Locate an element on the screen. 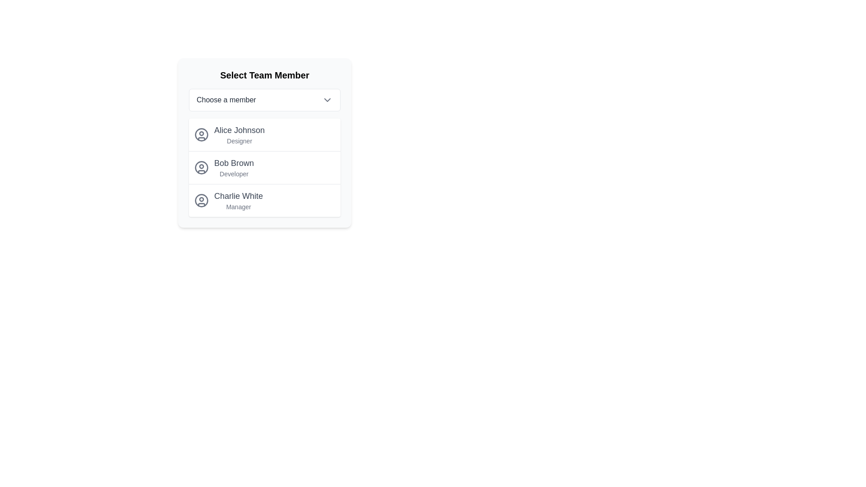 The width and height of the screenshot is (866, 487). static text heading that reads 'Select Team Member' to understand the purpose of the section is located at coordinates (264, 74).